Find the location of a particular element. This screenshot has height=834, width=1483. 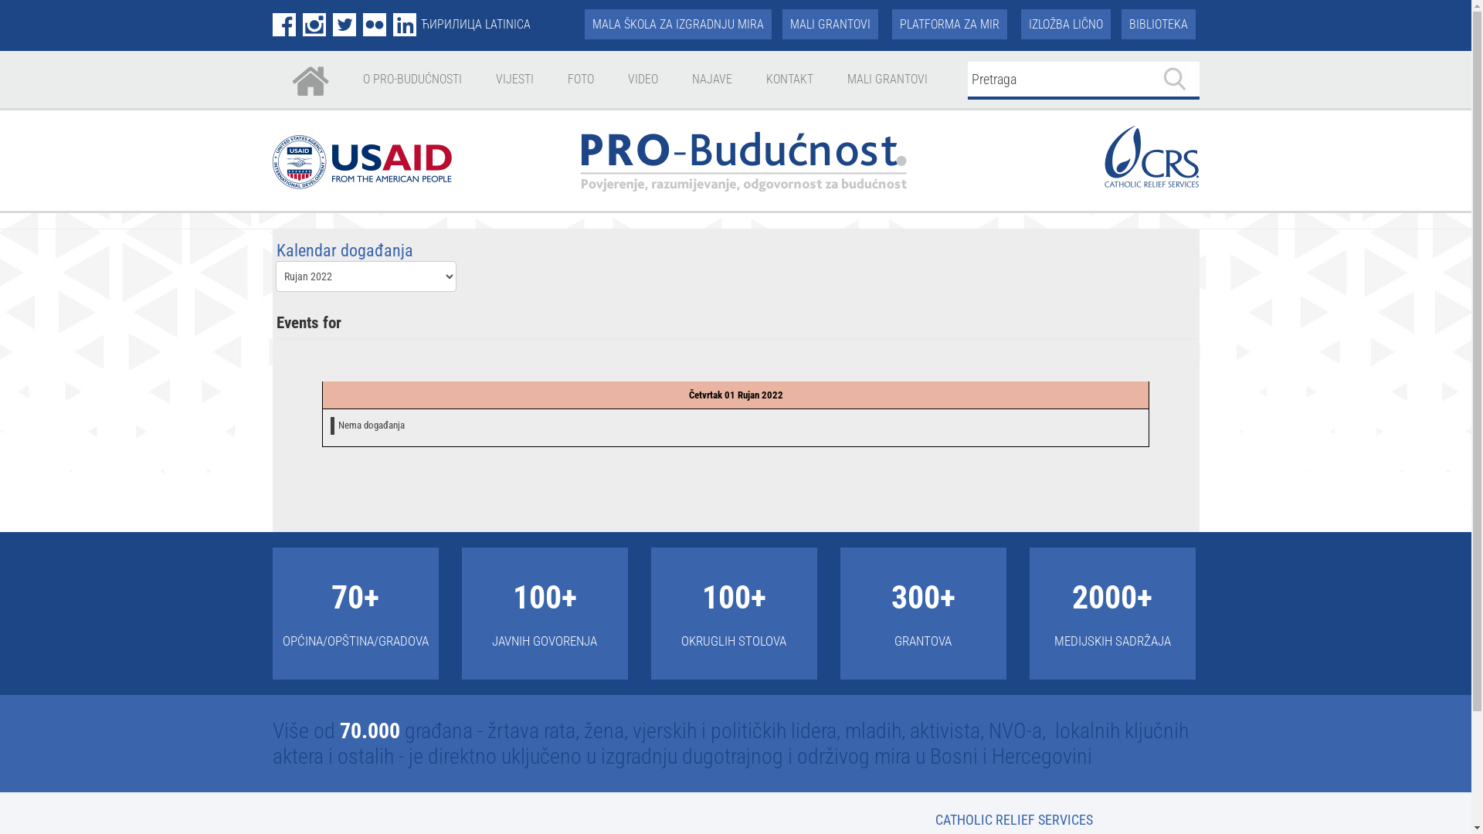

'MALI GRANTOVI' is located at coordinates (887, 80).